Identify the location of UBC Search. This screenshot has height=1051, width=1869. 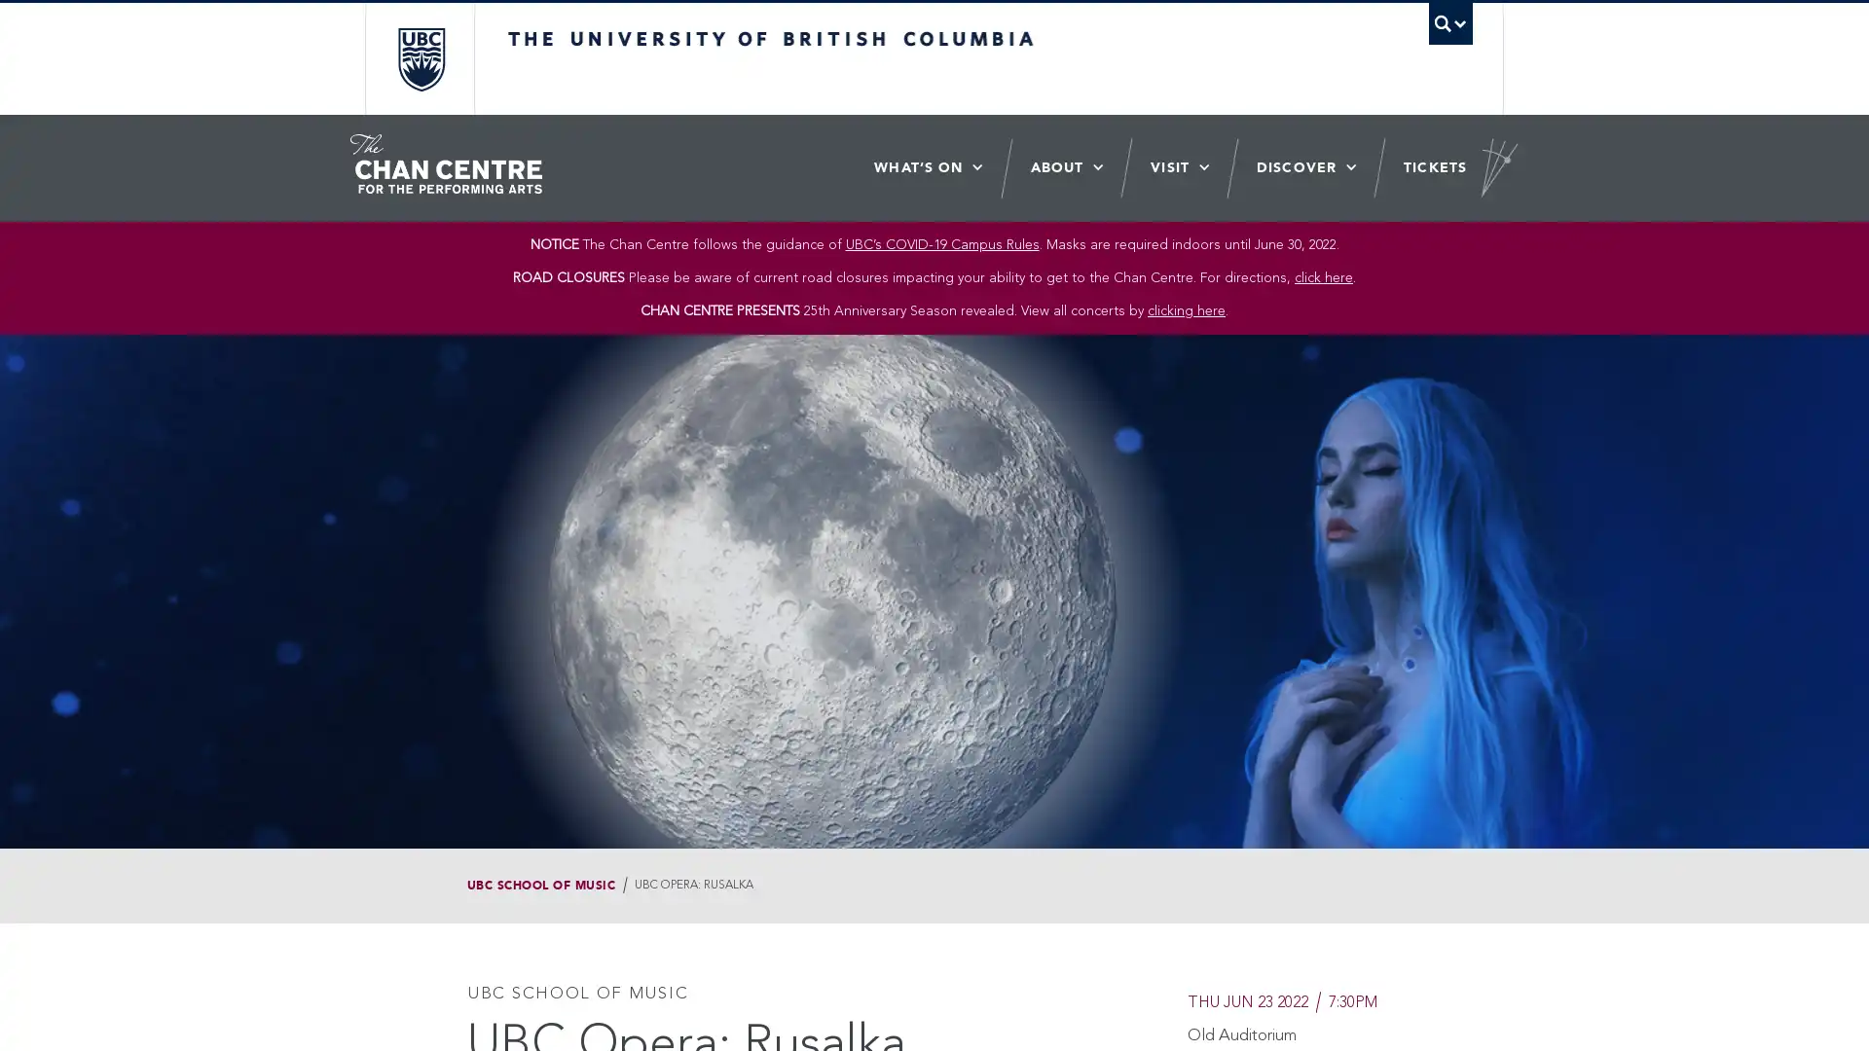
(1449, 23).